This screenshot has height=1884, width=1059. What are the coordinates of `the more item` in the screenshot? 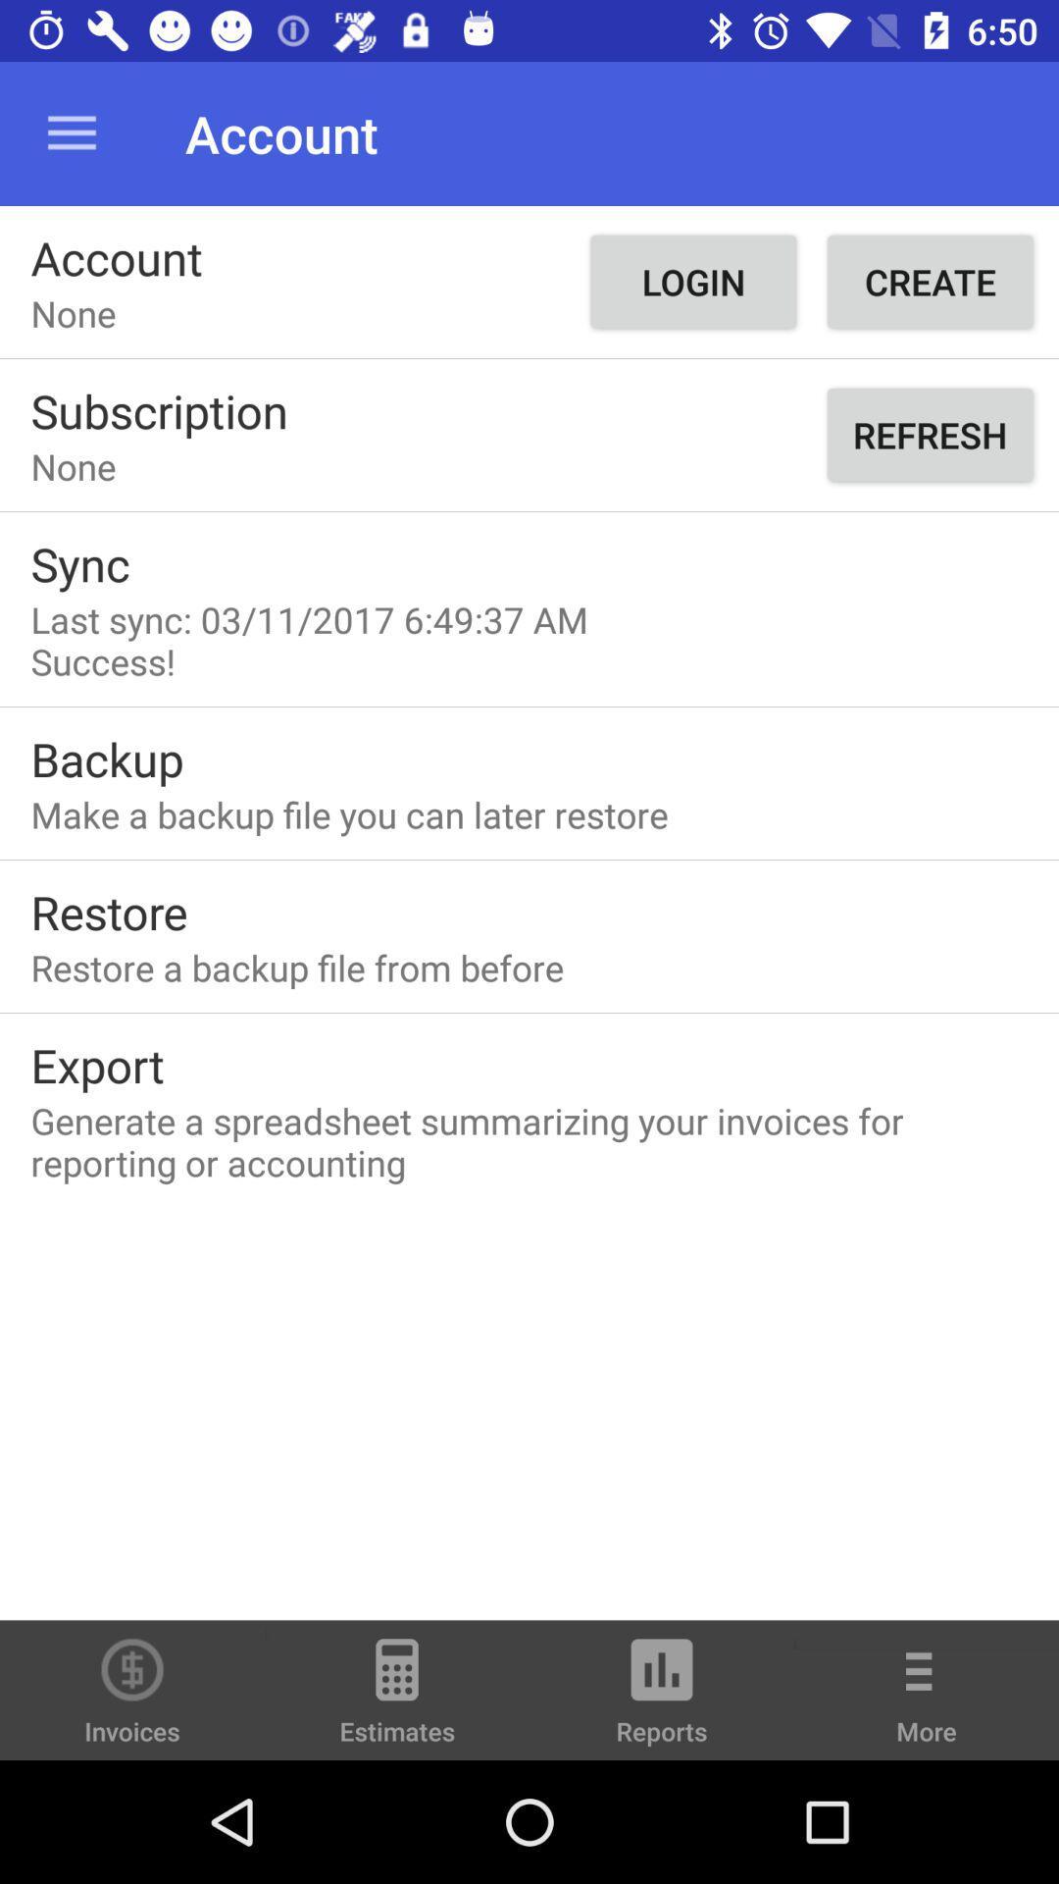 It's located at (927, 1703).